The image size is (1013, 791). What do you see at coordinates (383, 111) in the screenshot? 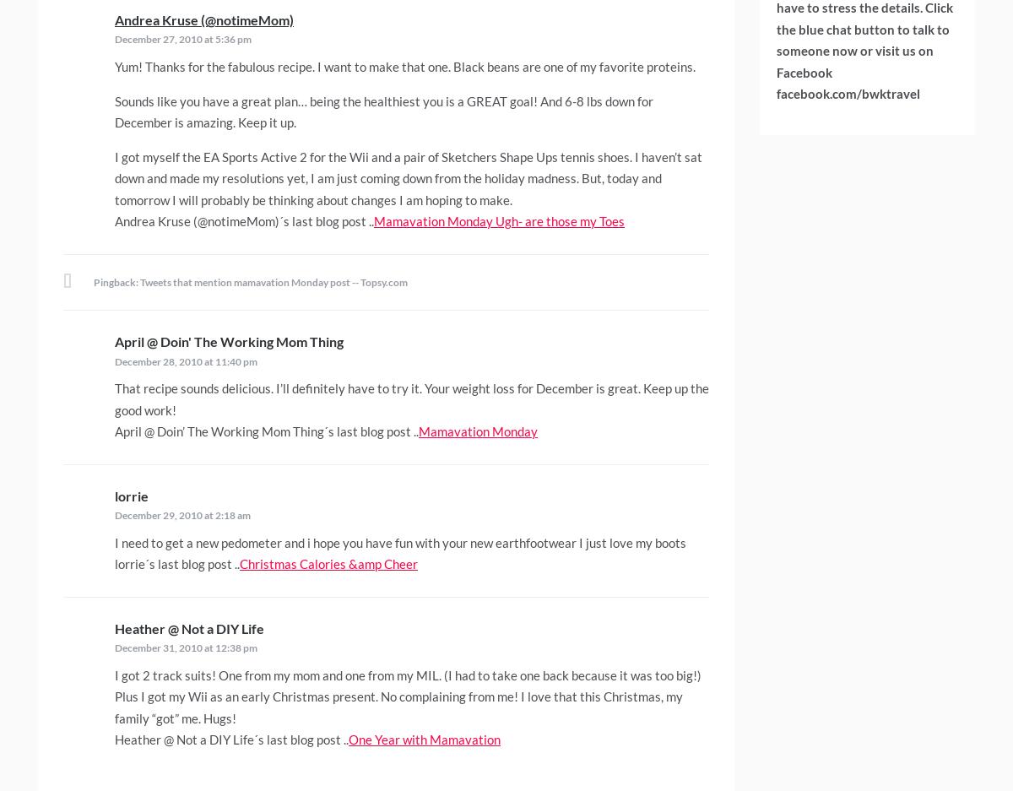
I see `'Sounds like you have a great plan… being the healthiest you is a GREAT goal! And 6-8 lbs down for December is amazing. Keep it up.'` at bounding box center [383, 111].